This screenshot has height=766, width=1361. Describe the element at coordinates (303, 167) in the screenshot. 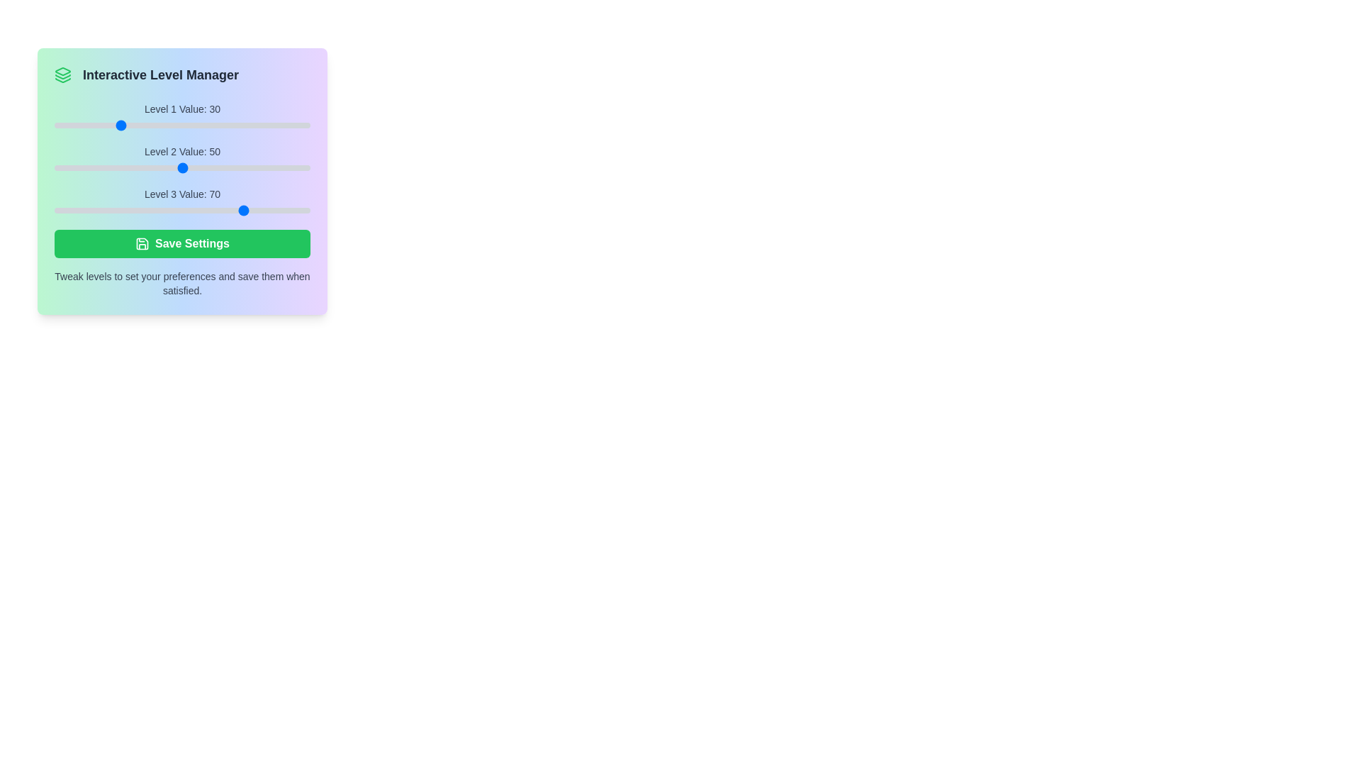

I see `the slider value` at that location.